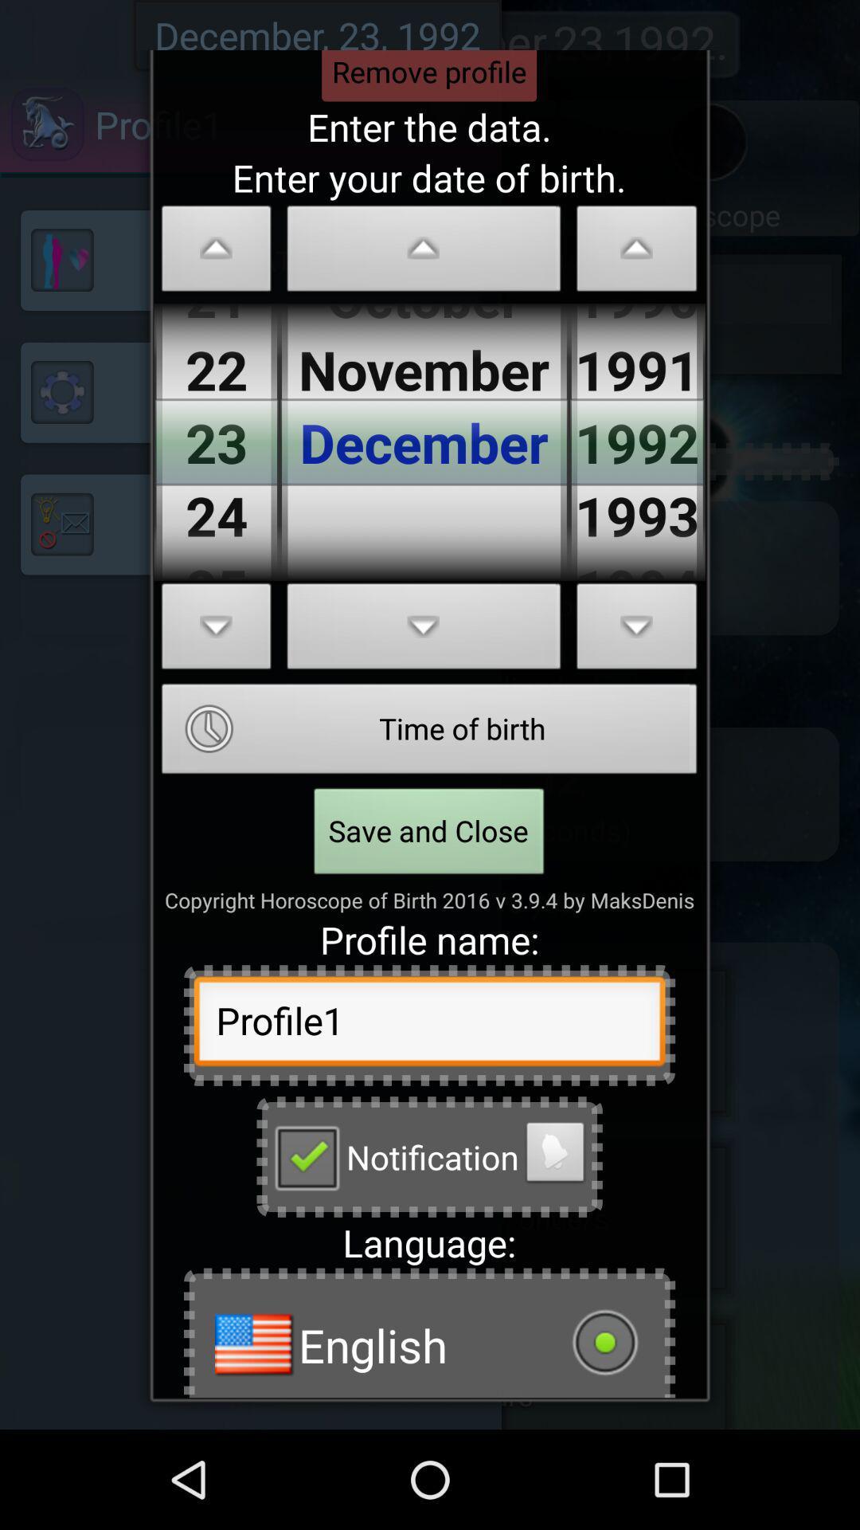  Describe the element at coordinates (217, 252) in the screenshot. I see `previous day` at that location.